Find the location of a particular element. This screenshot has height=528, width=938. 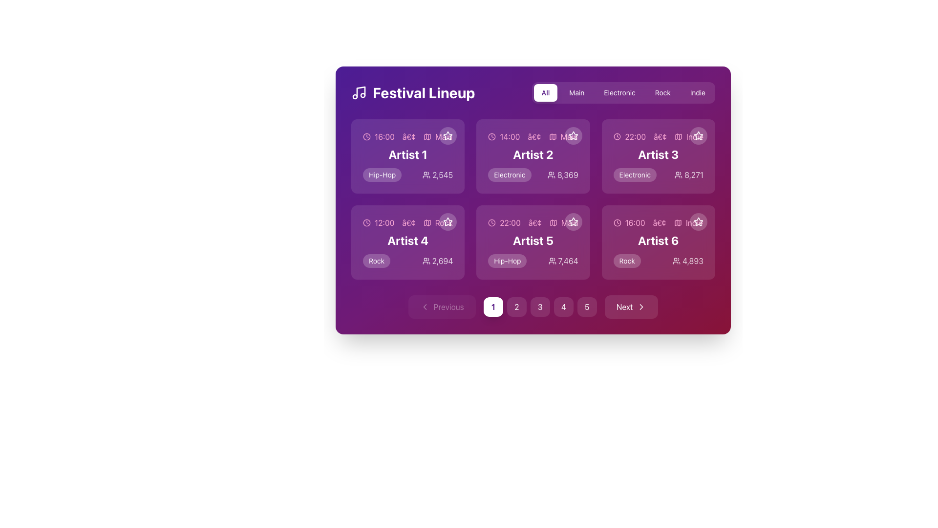

the Interactive star icon located in the top-right corner of the 'Artist 6' card is located at coordinates (698, 222).